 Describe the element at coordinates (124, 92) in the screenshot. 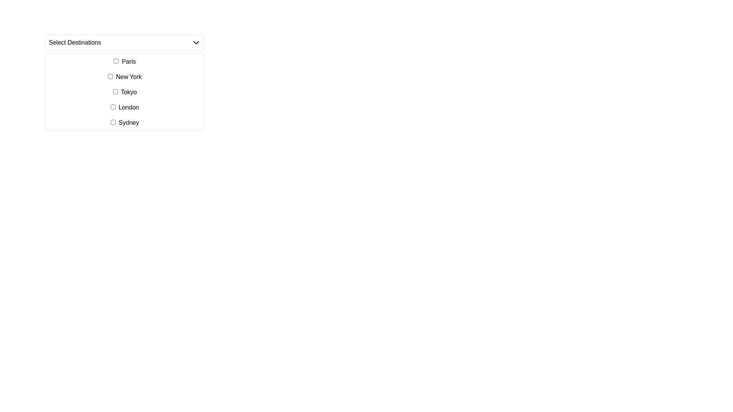

I see `labels in the dropdown list containing checkboxes and labels, specifically positioned beneath the 'Select Destinations' header, to decide on a selection` at that location.